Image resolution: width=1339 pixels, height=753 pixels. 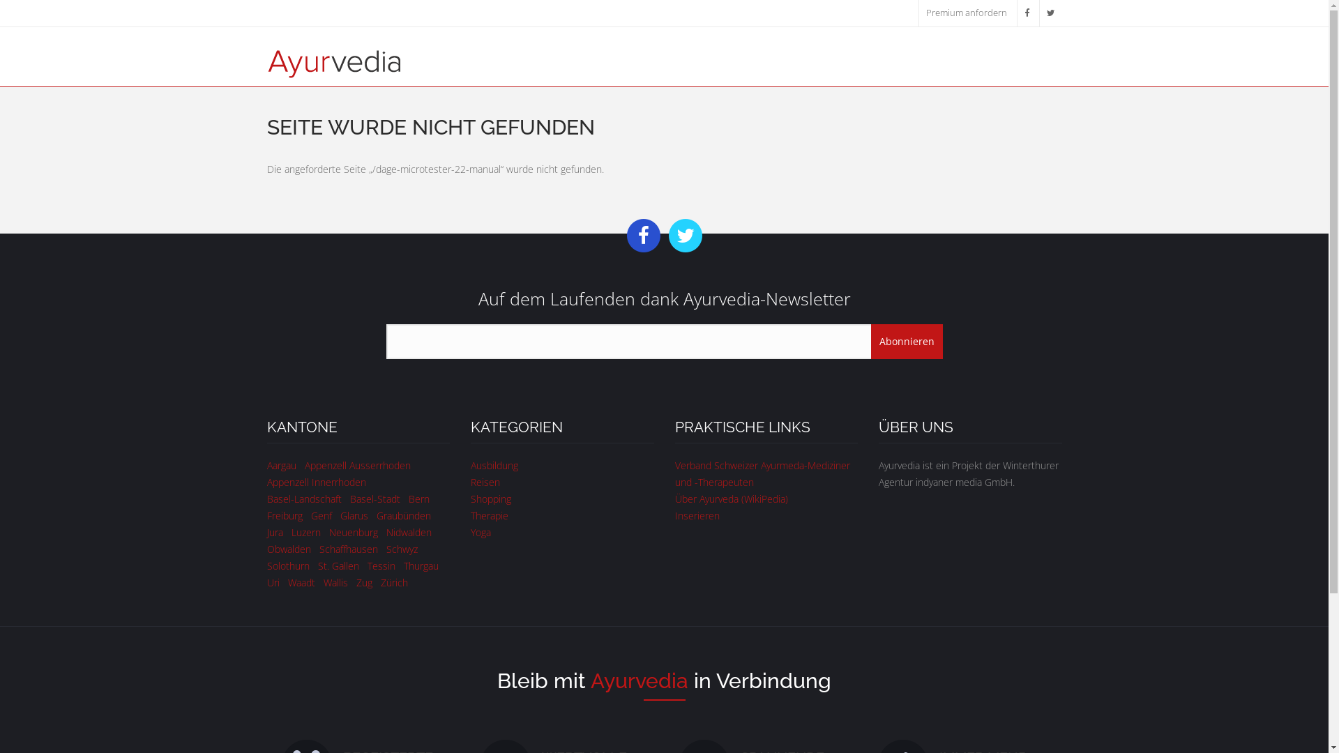 I want to click on 'Schwyz', so click(x=401, y=548).